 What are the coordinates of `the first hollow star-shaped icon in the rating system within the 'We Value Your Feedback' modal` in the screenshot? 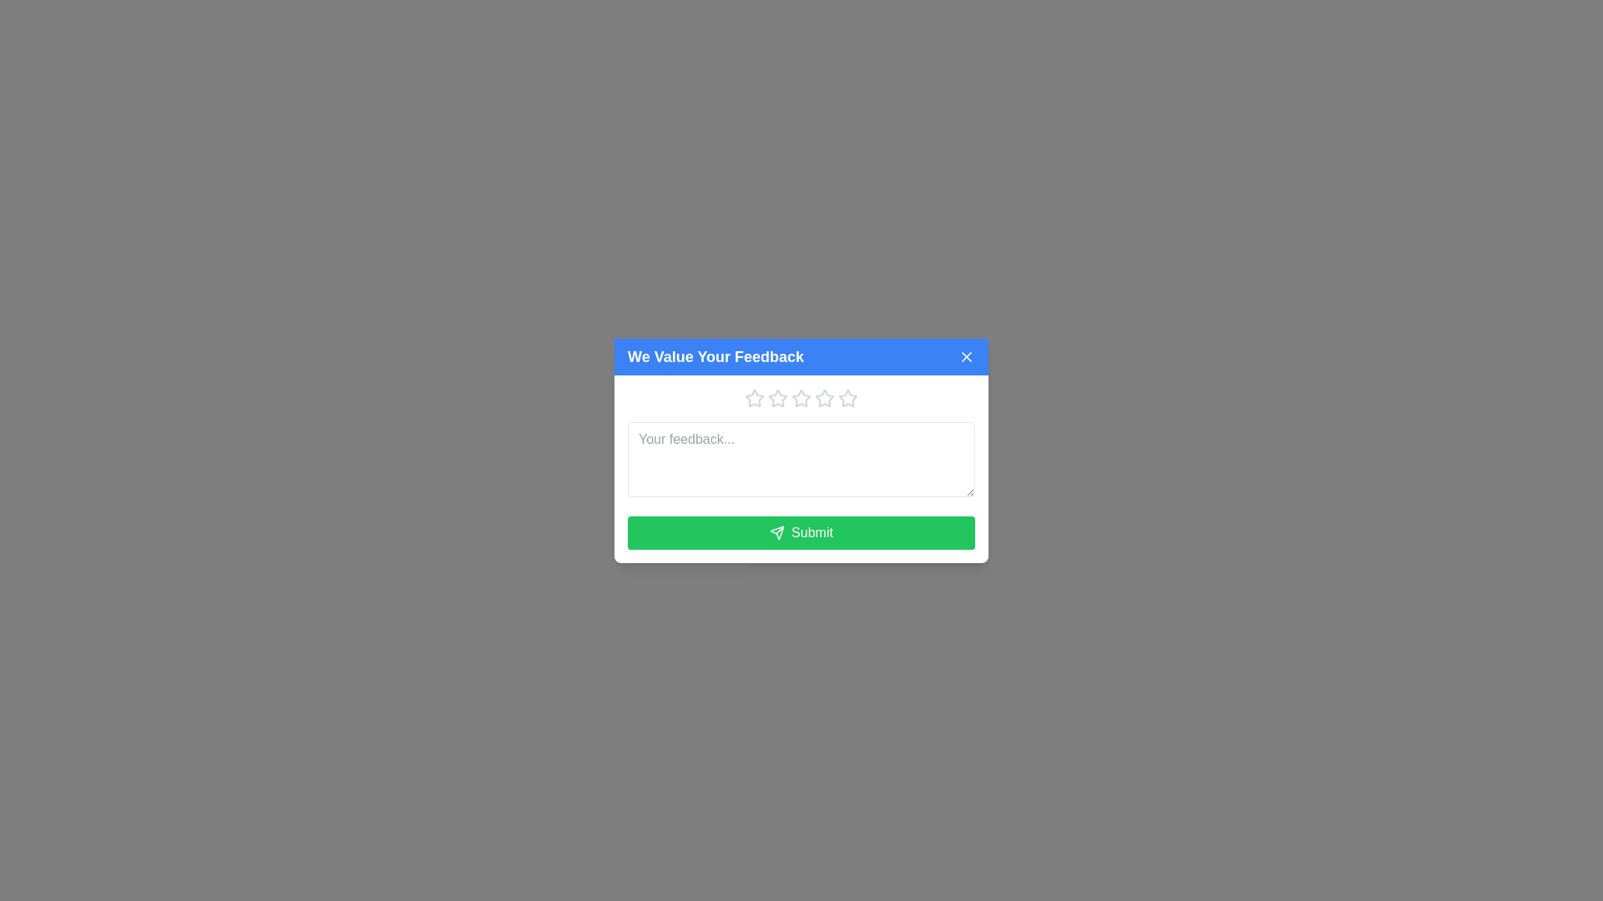 It's located at (753, 398).